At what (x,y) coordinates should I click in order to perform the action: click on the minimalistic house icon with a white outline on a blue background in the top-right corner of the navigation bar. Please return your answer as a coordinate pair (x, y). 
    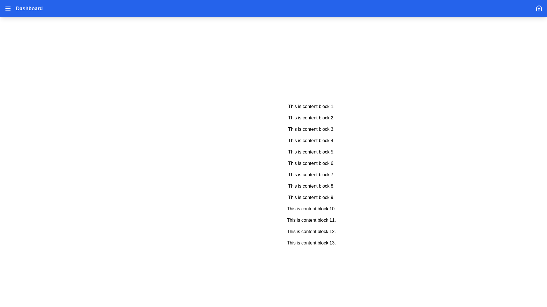
    Looking at the image, I should click on (538, 9).